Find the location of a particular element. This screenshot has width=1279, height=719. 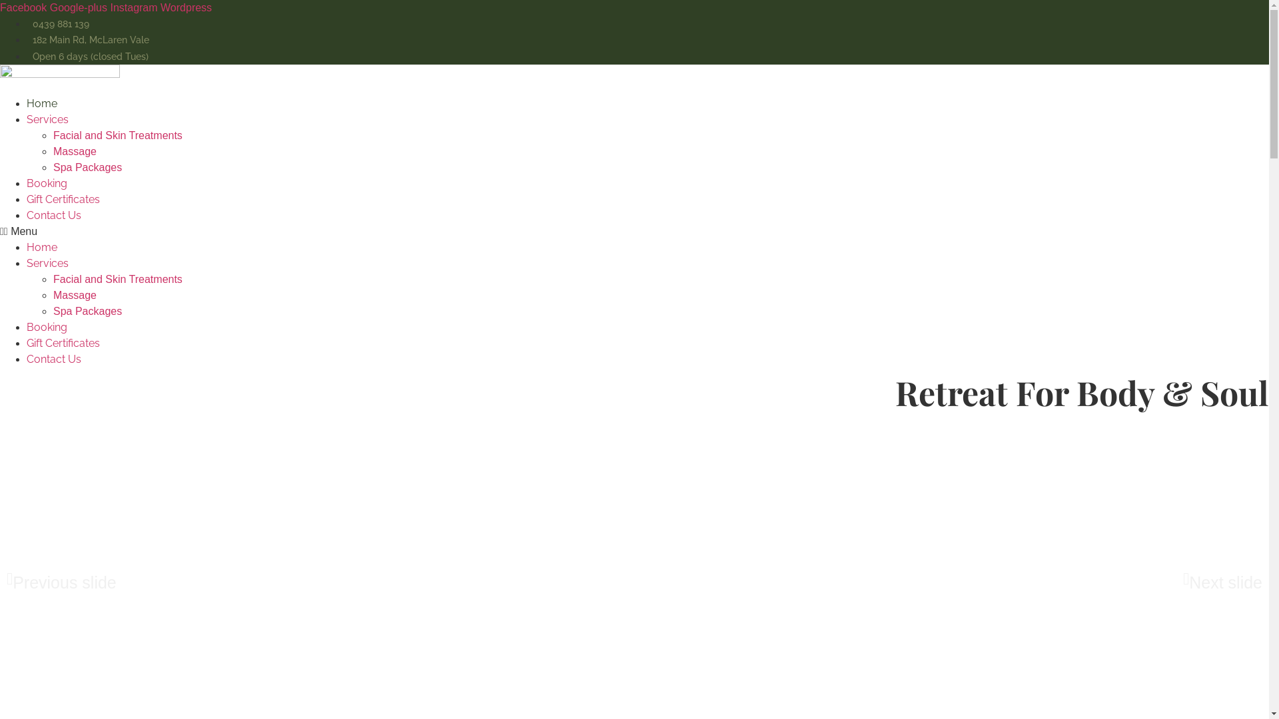

'Facial and Skin Treatments' is located at coordinates (118, 135).